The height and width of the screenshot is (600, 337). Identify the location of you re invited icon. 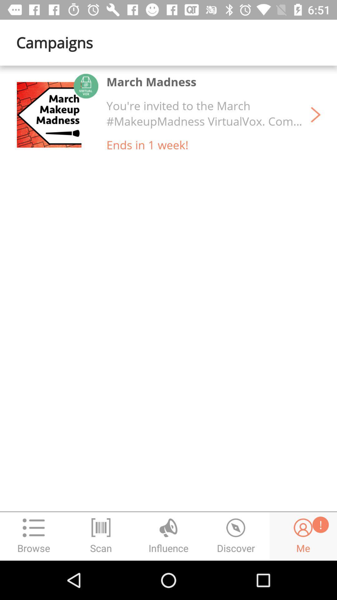
(204, 113).